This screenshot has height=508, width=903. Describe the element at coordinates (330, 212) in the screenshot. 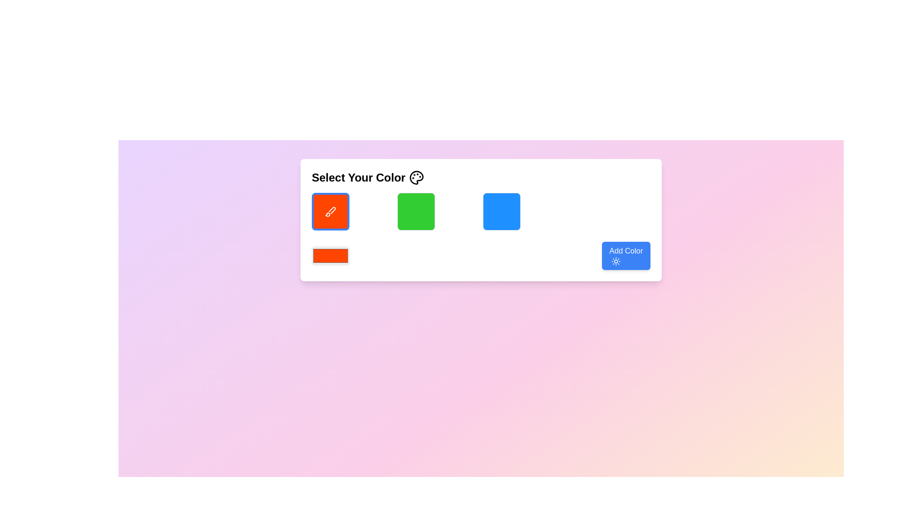

I see `the first button in the grid layout, which is a square box with rounded corners, bright orange background, and a white paintbrush icon at the center` at that location.